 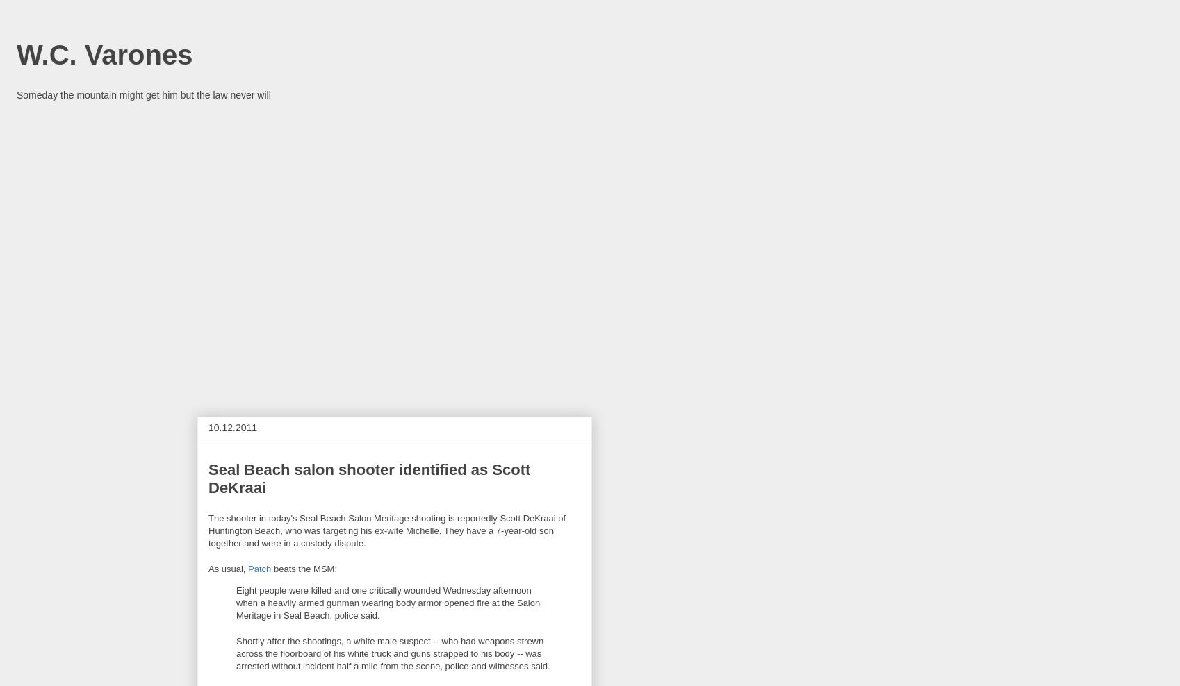 I want to click on 'beats the MSM:', so click(x=271, y=568).